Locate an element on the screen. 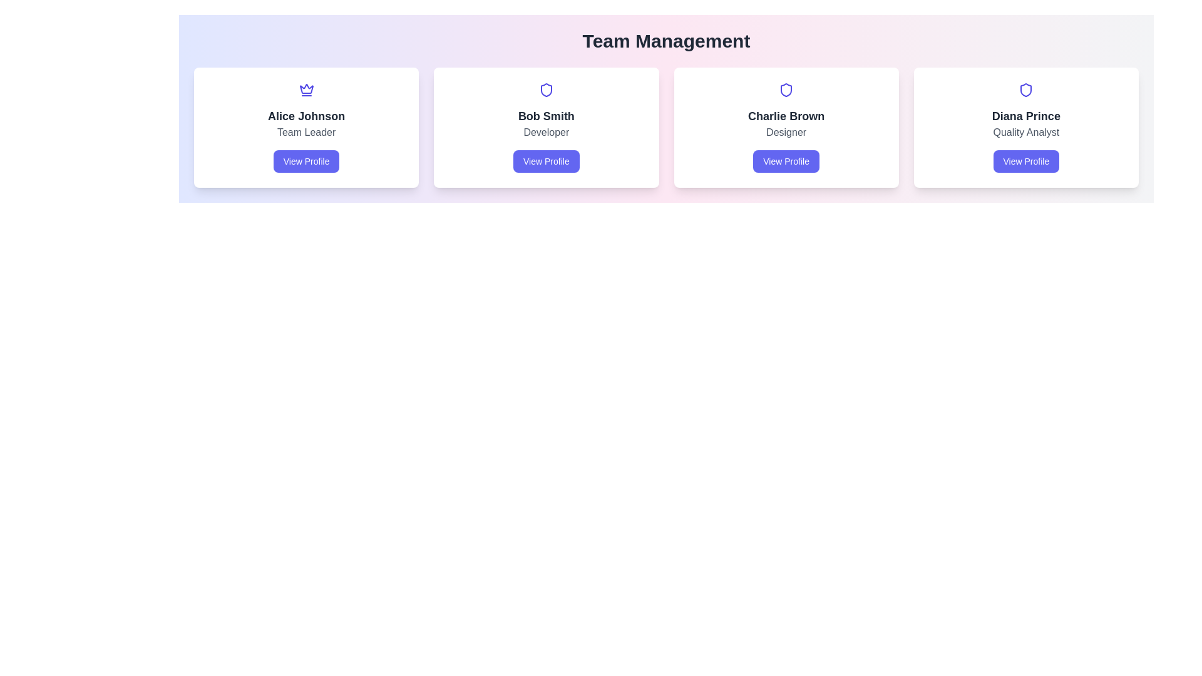 This screenshot has height=676, width=1202. the button is located at coordinates (306, 161).